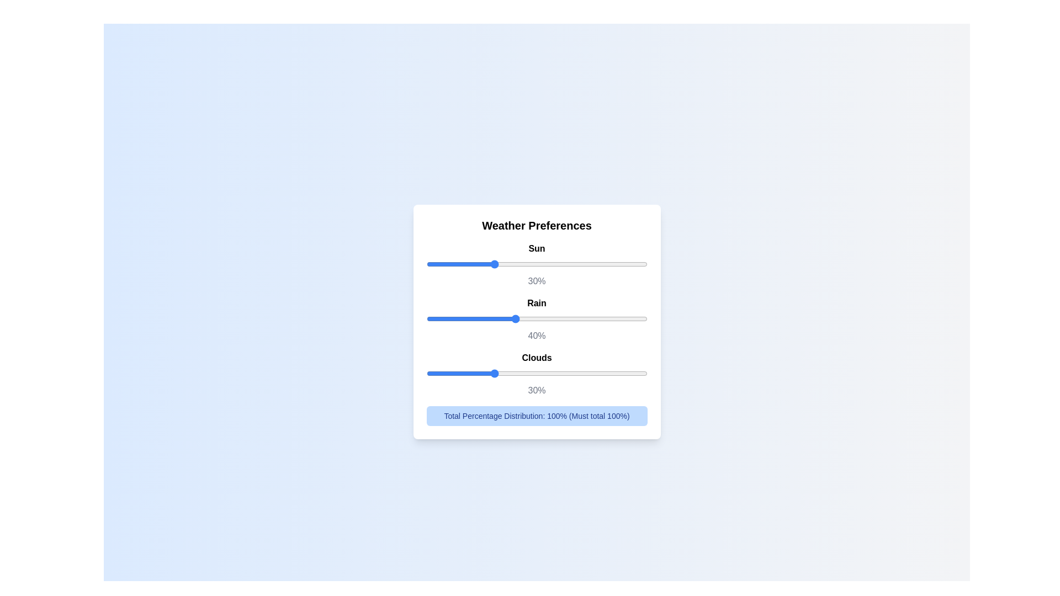 This screenshot has width=1060, height=596. I want to click on the 'Rain' slider to 74%, so click(589, 318).